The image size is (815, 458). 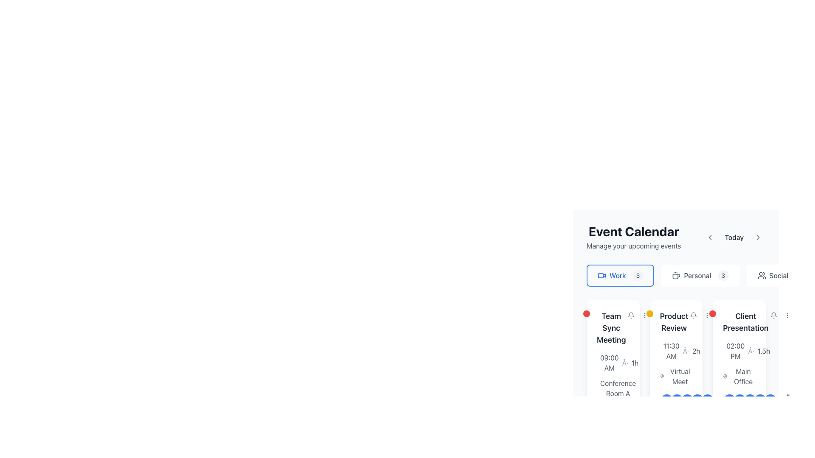 I want to click on the avatars in the visual indication element that shows participant details, located at the bottom-right section of the calendar interface beneath 'Product Review', so click(x=692, y=400).